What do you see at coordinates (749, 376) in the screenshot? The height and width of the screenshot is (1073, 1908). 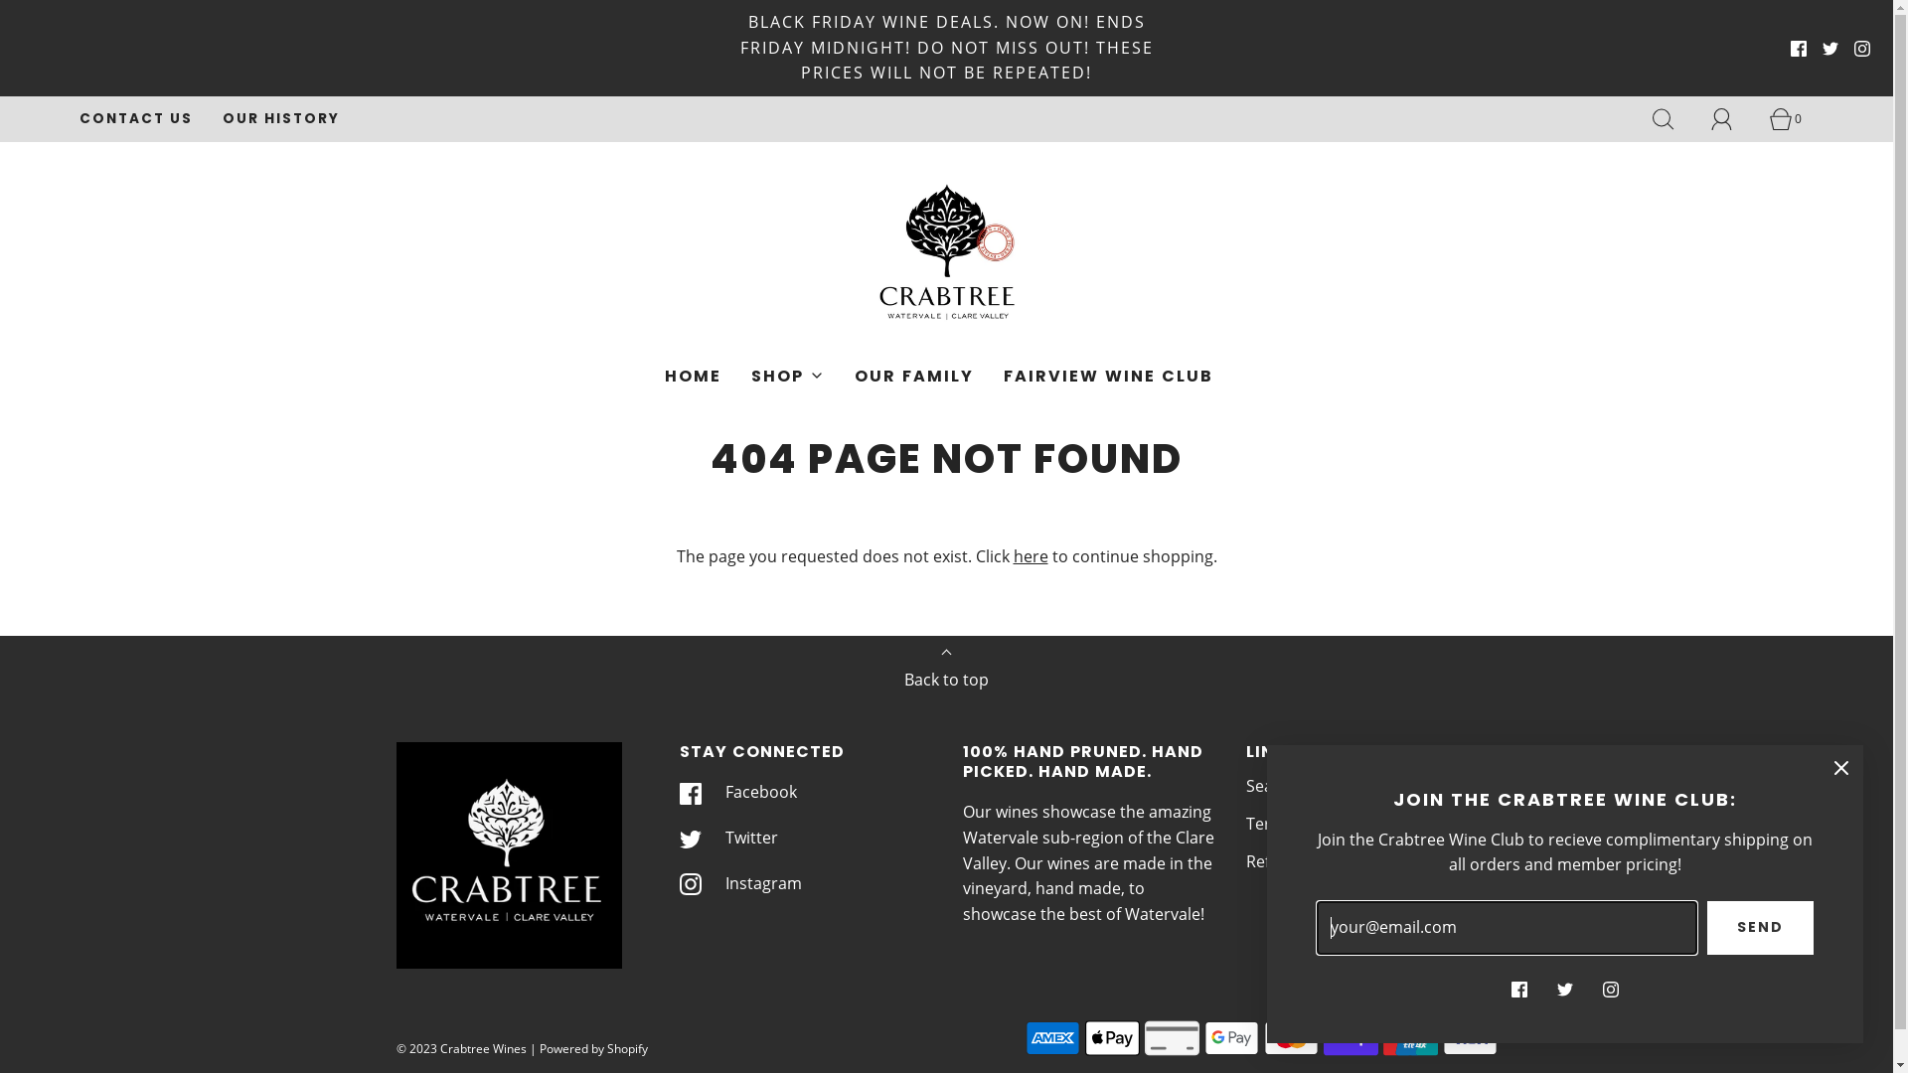 I see `'SHOP'` at bounding box center [749, 376].